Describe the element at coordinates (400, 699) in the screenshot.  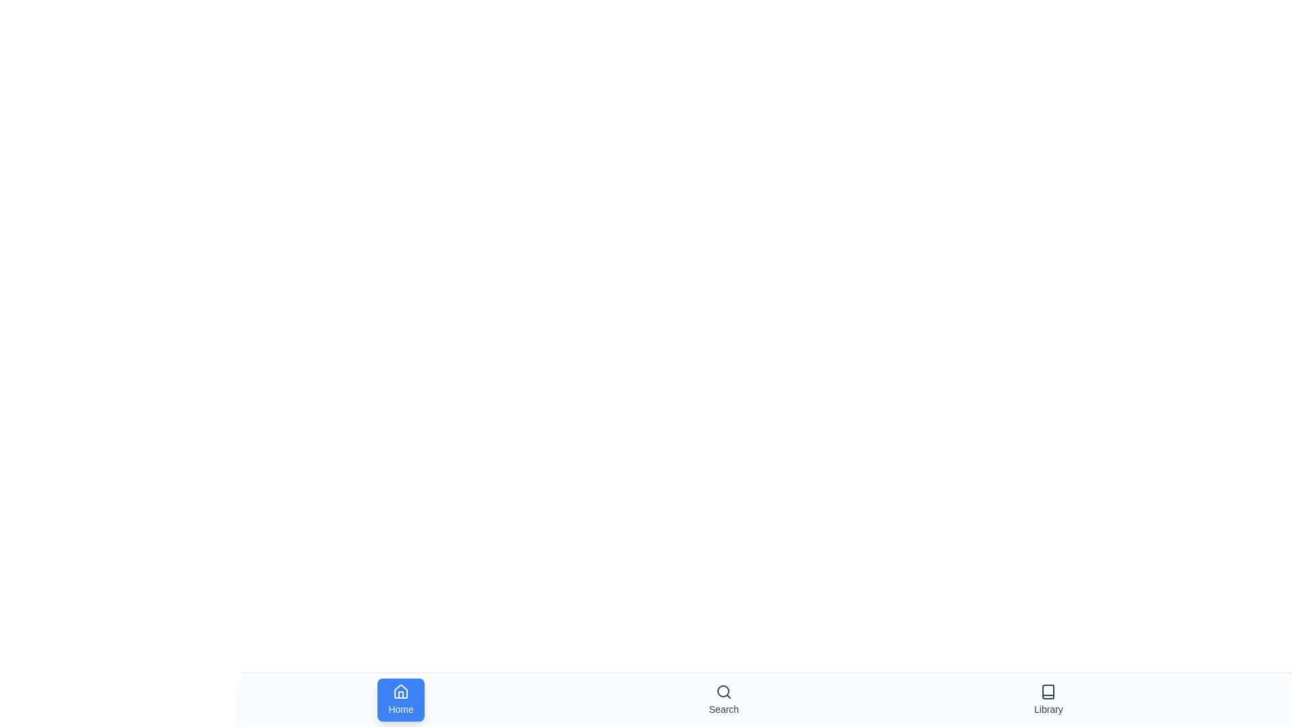
I see `the navigation tab labeled Home` at that location.